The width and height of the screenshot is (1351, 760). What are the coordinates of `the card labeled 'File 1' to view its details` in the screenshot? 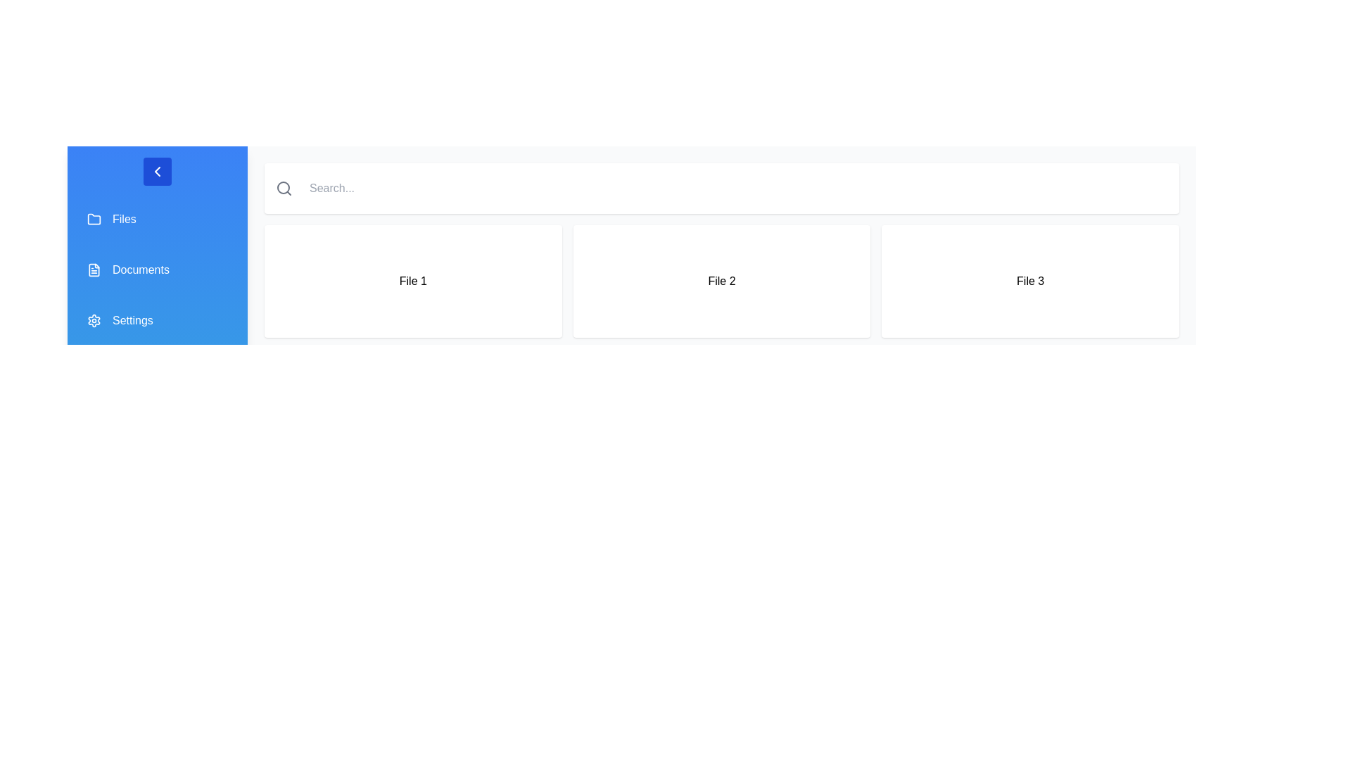 It's located at (412, 281).